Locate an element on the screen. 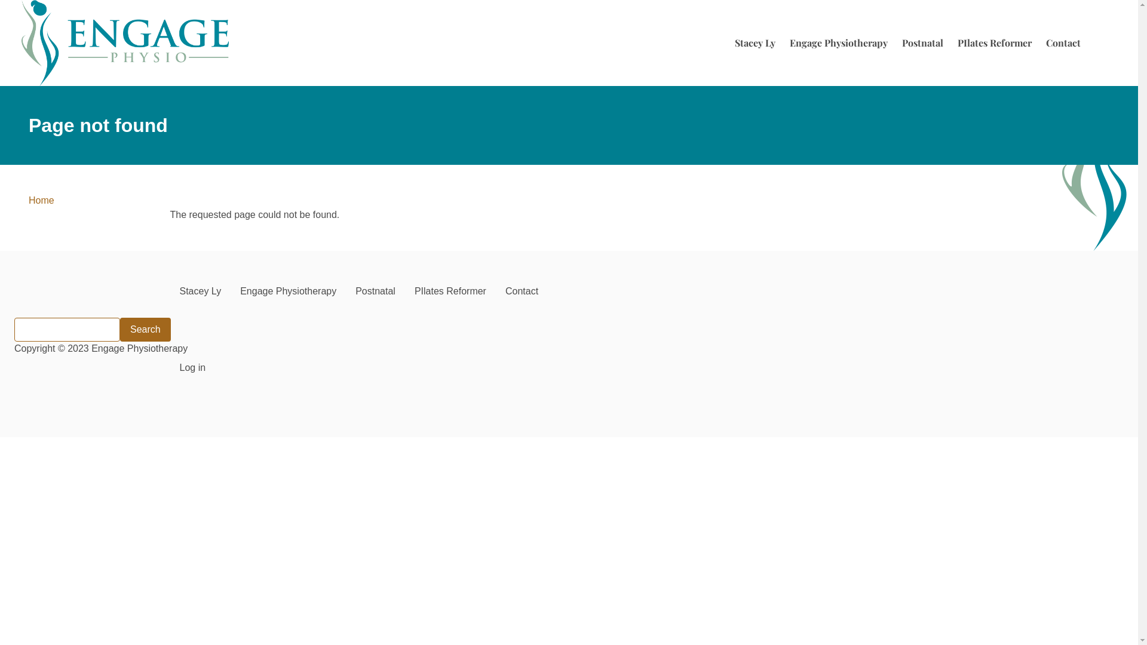 The image size is (1147, 645). 'PIlates Reformer' is located at coordinates (995, 42).